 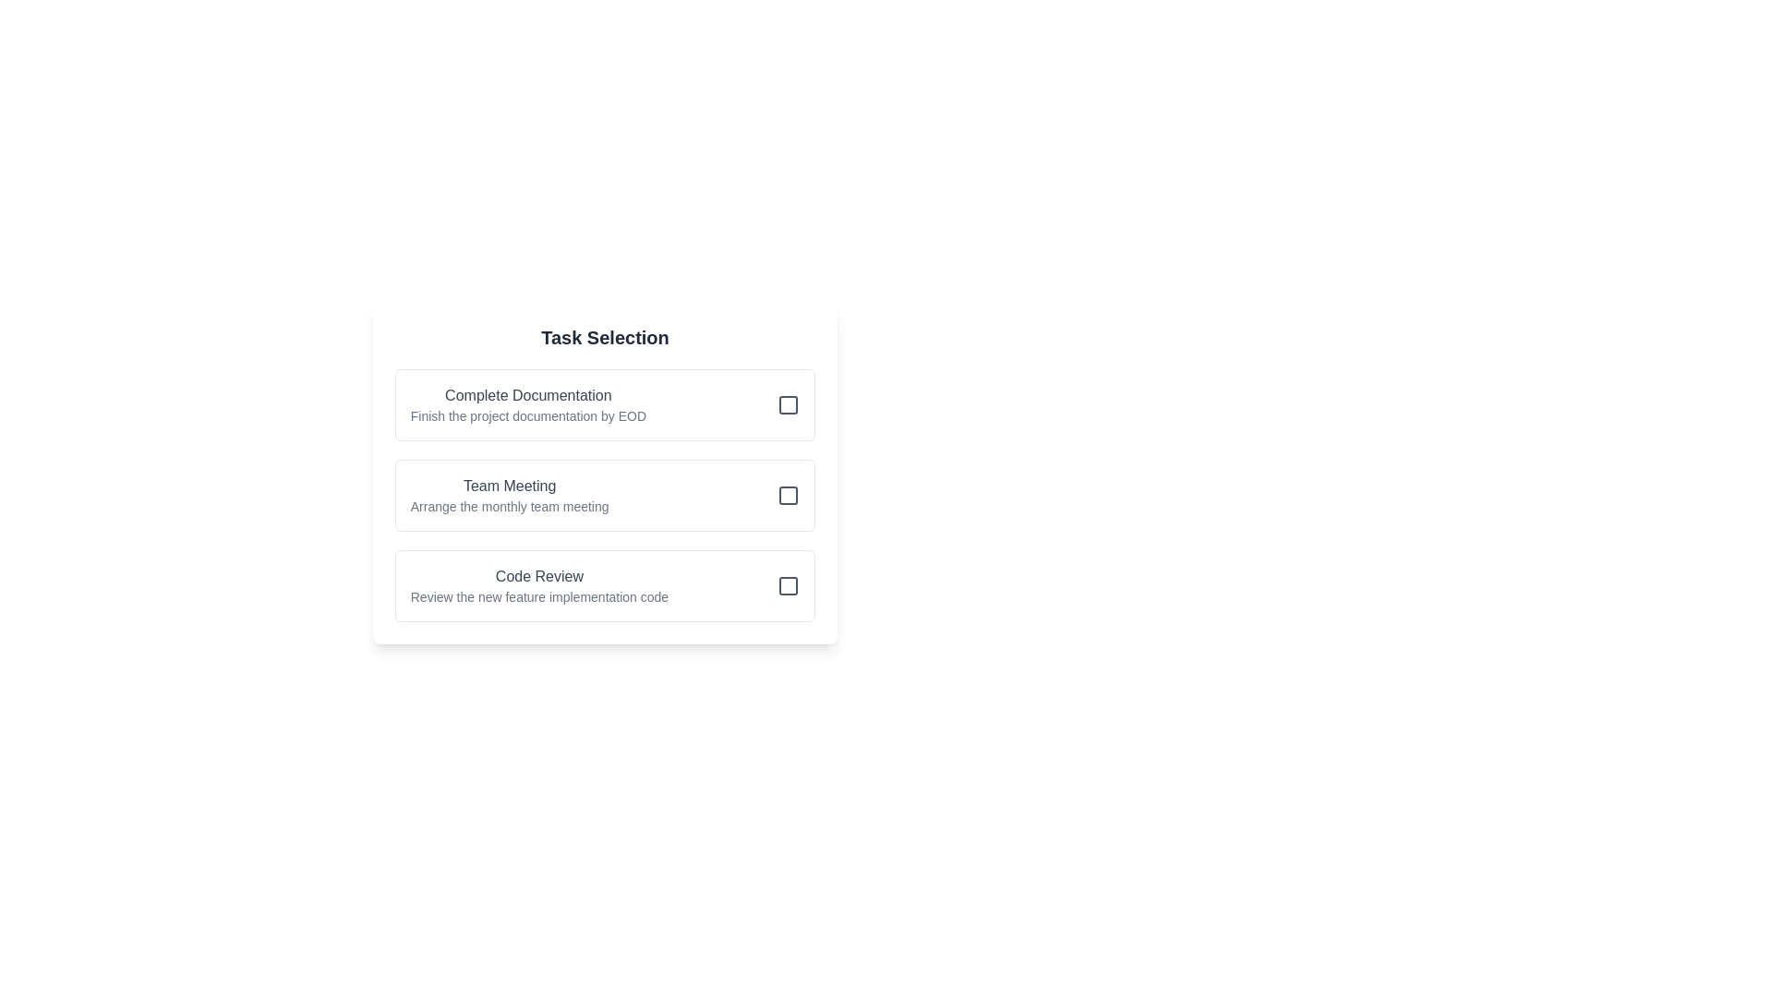 I want to click on the Grouped Task List with Checkboxes, so click(x=605, y=473).